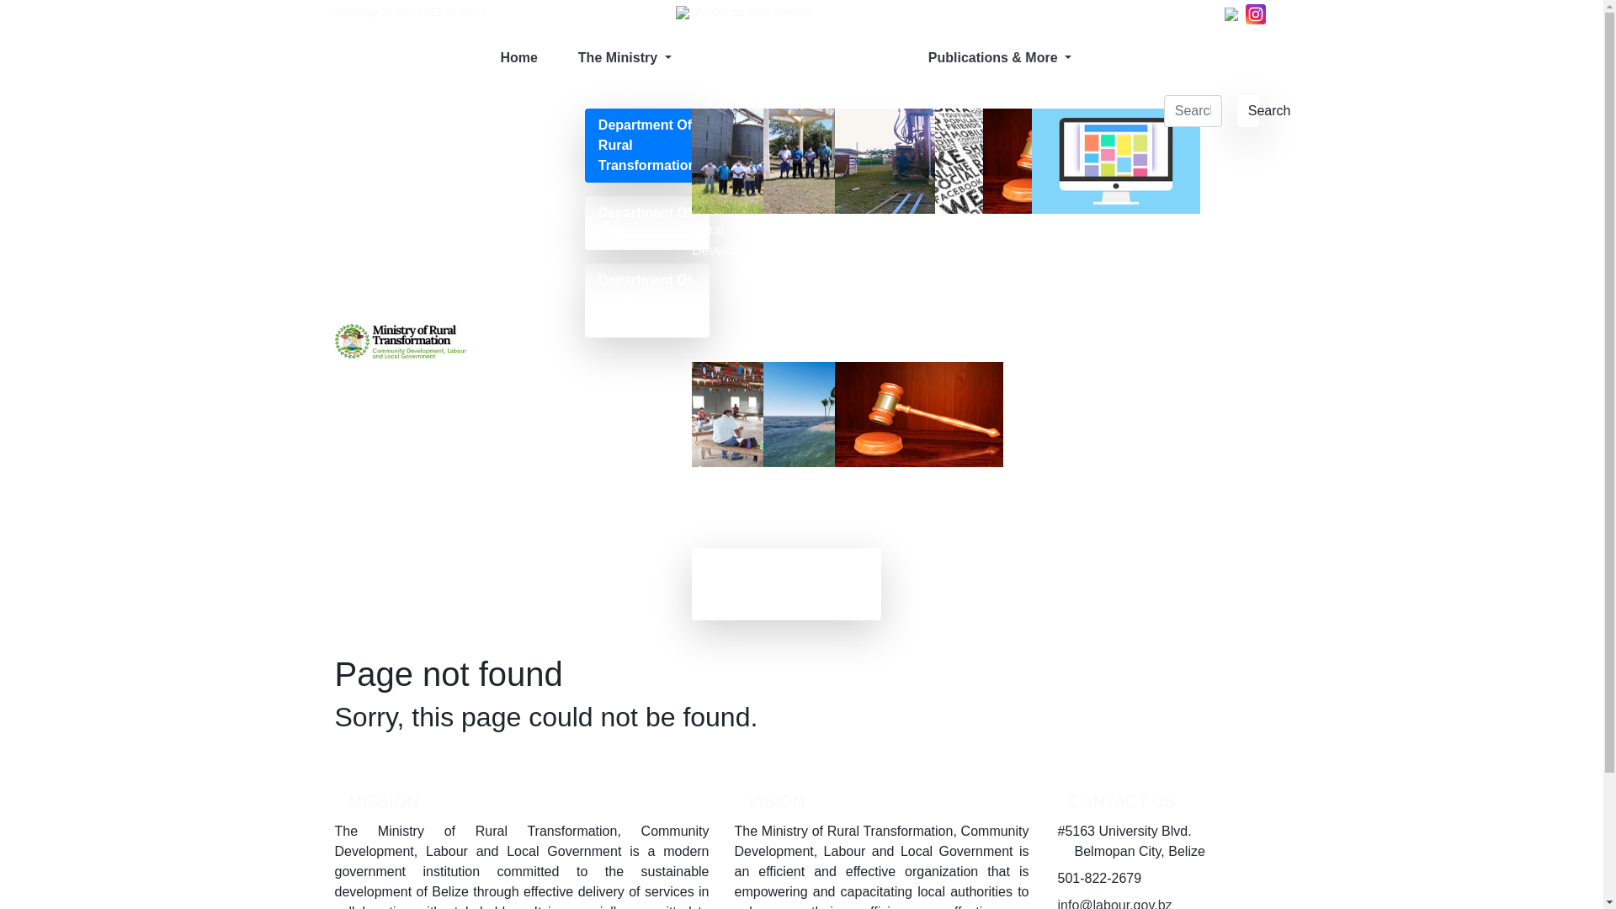  Describe the element at coordinates (646, 300) in the screenshot. I see `'Department Of Local Government'` at that location.